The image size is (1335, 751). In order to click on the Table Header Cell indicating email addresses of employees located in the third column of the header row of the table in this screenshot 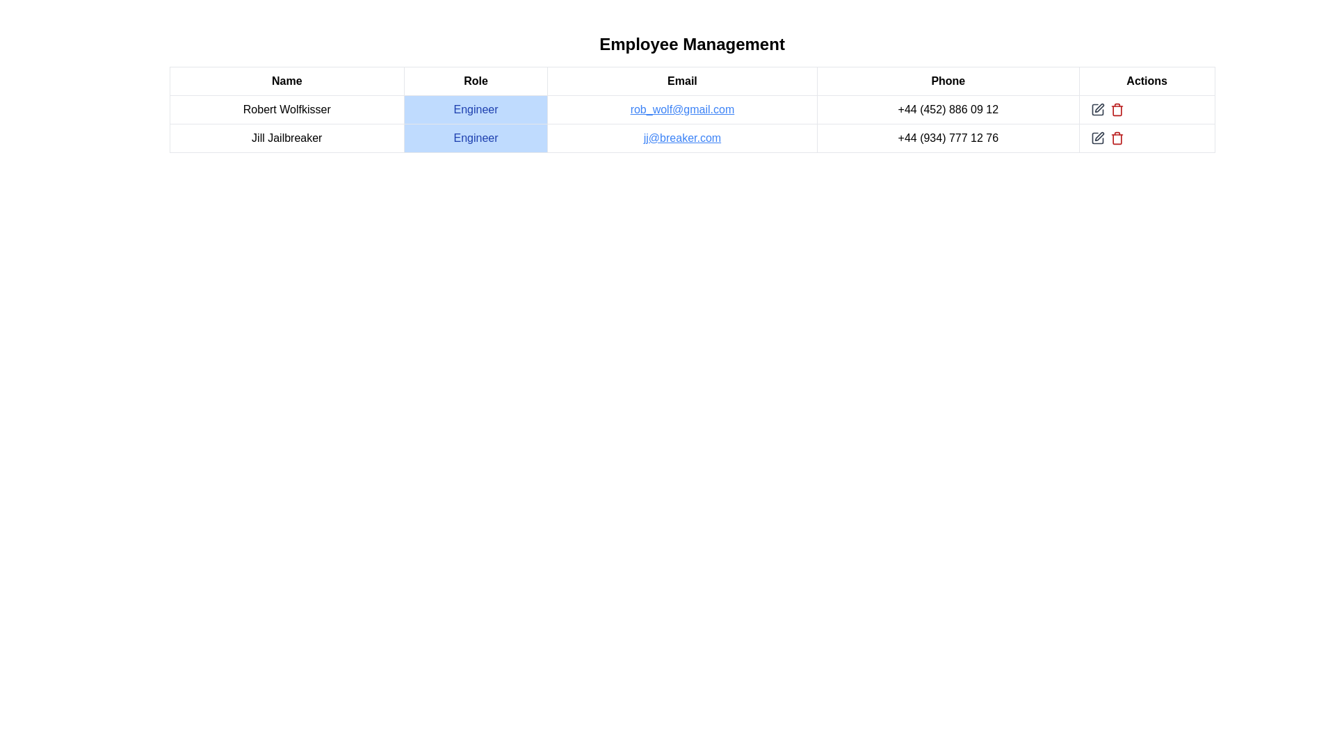, I will do `click(682, 81)`.